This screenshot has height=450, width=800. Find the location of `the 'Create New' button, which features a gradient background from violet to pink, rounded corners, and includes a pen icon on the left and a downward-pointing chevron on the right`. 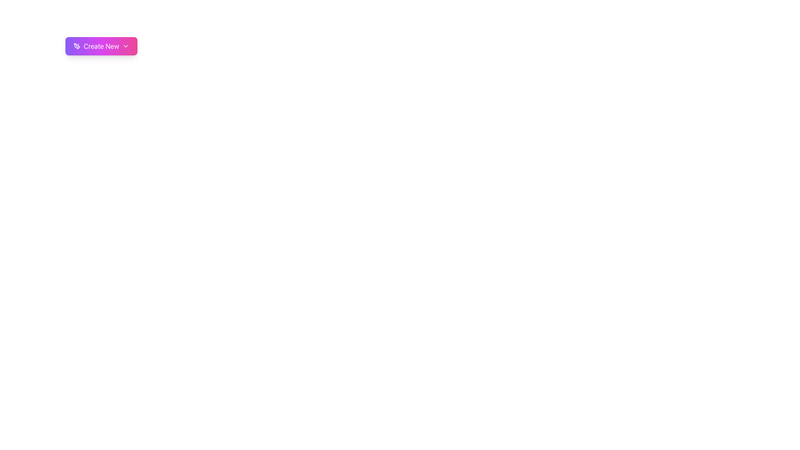

the 'Create New' button, which features a gradient background from violet to pink, rounded corners, and includes a pen icon on the left and a downward-pointing chevron on the right is located at coordinates (101, 46).